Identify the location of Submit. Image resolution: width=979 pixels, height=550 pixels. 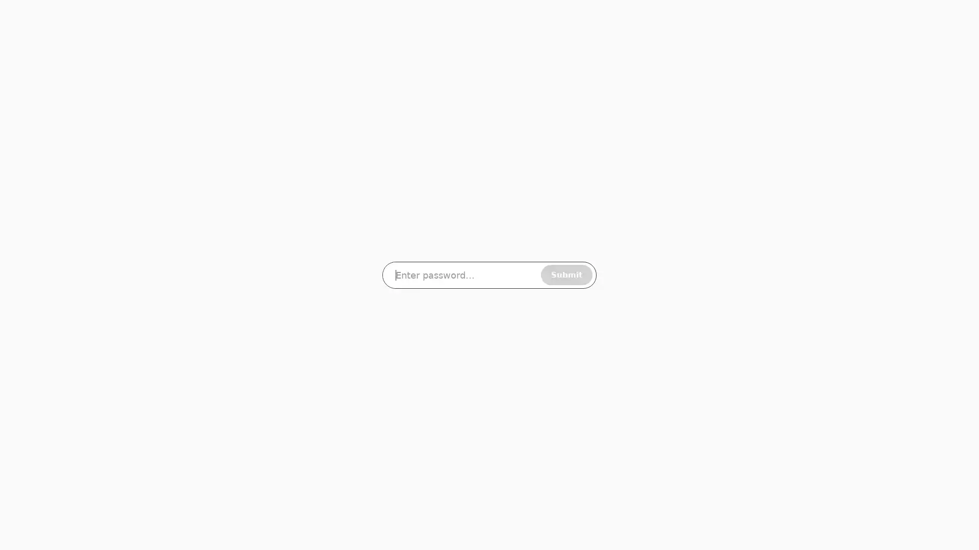
(566, 275).